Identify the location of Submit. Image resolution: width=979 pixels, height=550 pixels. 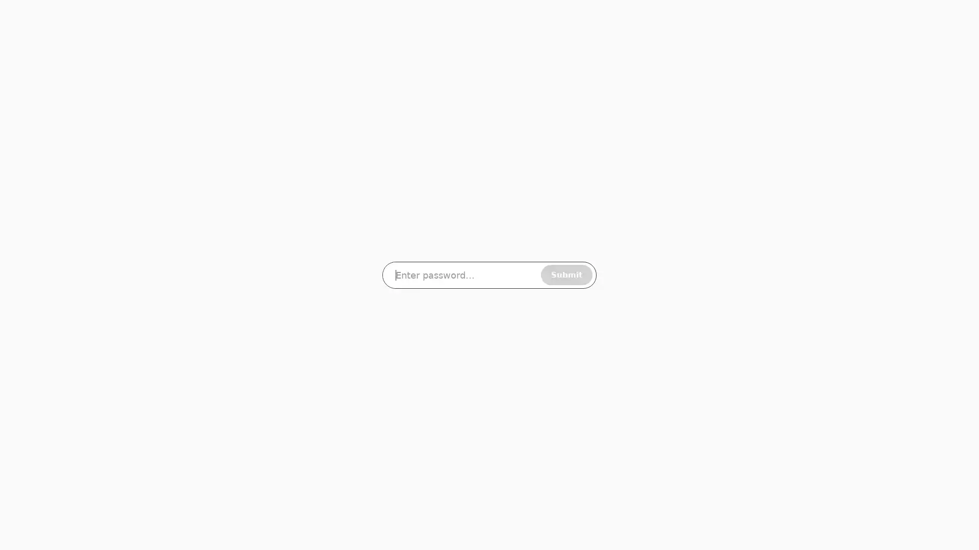
(566, 275).